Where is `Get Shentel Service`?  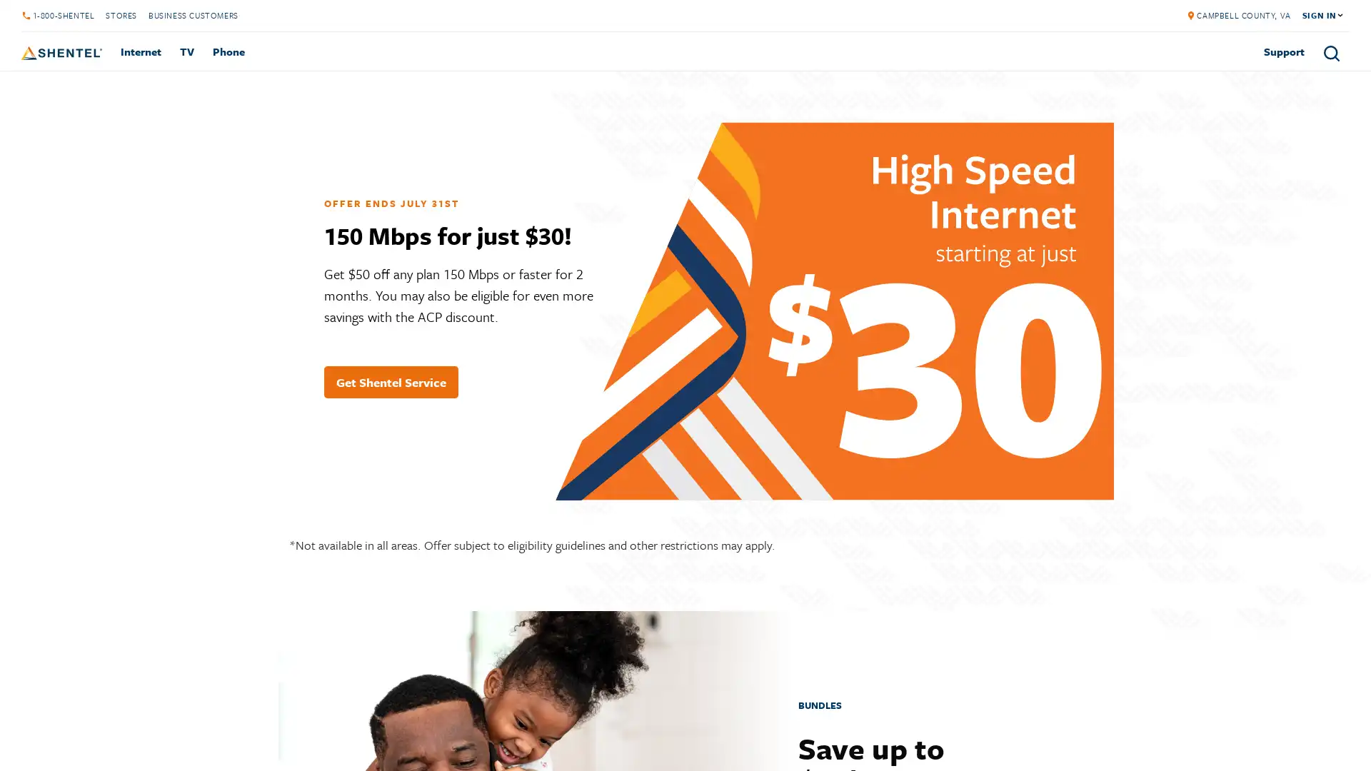 Get Shentel Service is located at coordinates (391, 381).